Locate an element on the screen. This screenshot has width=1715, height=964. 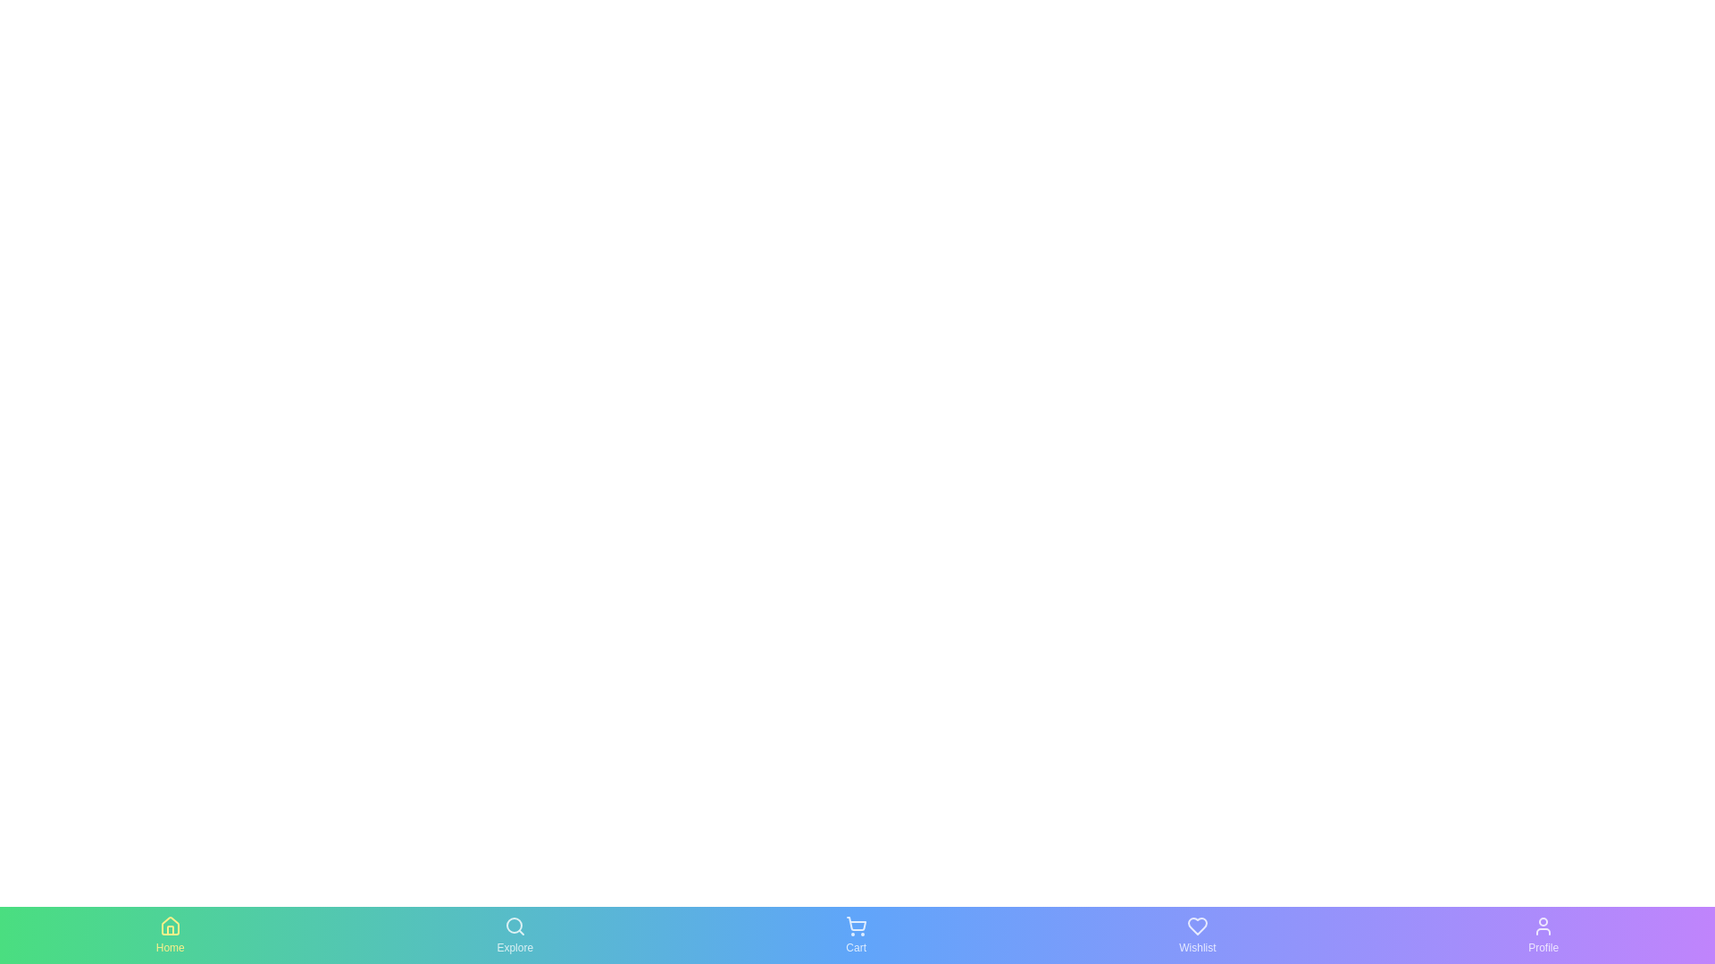
the Home tab by clicking on it is located at coordinates (170, 935).